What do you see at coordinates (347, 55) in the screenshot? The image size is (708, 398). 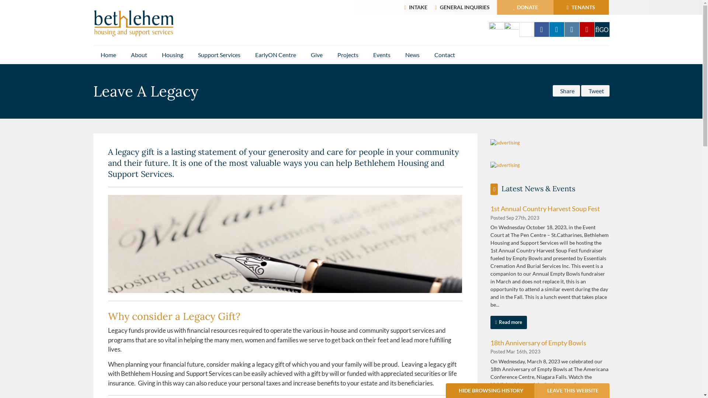 I see `'Projects'` at bounding box center [347, 55].